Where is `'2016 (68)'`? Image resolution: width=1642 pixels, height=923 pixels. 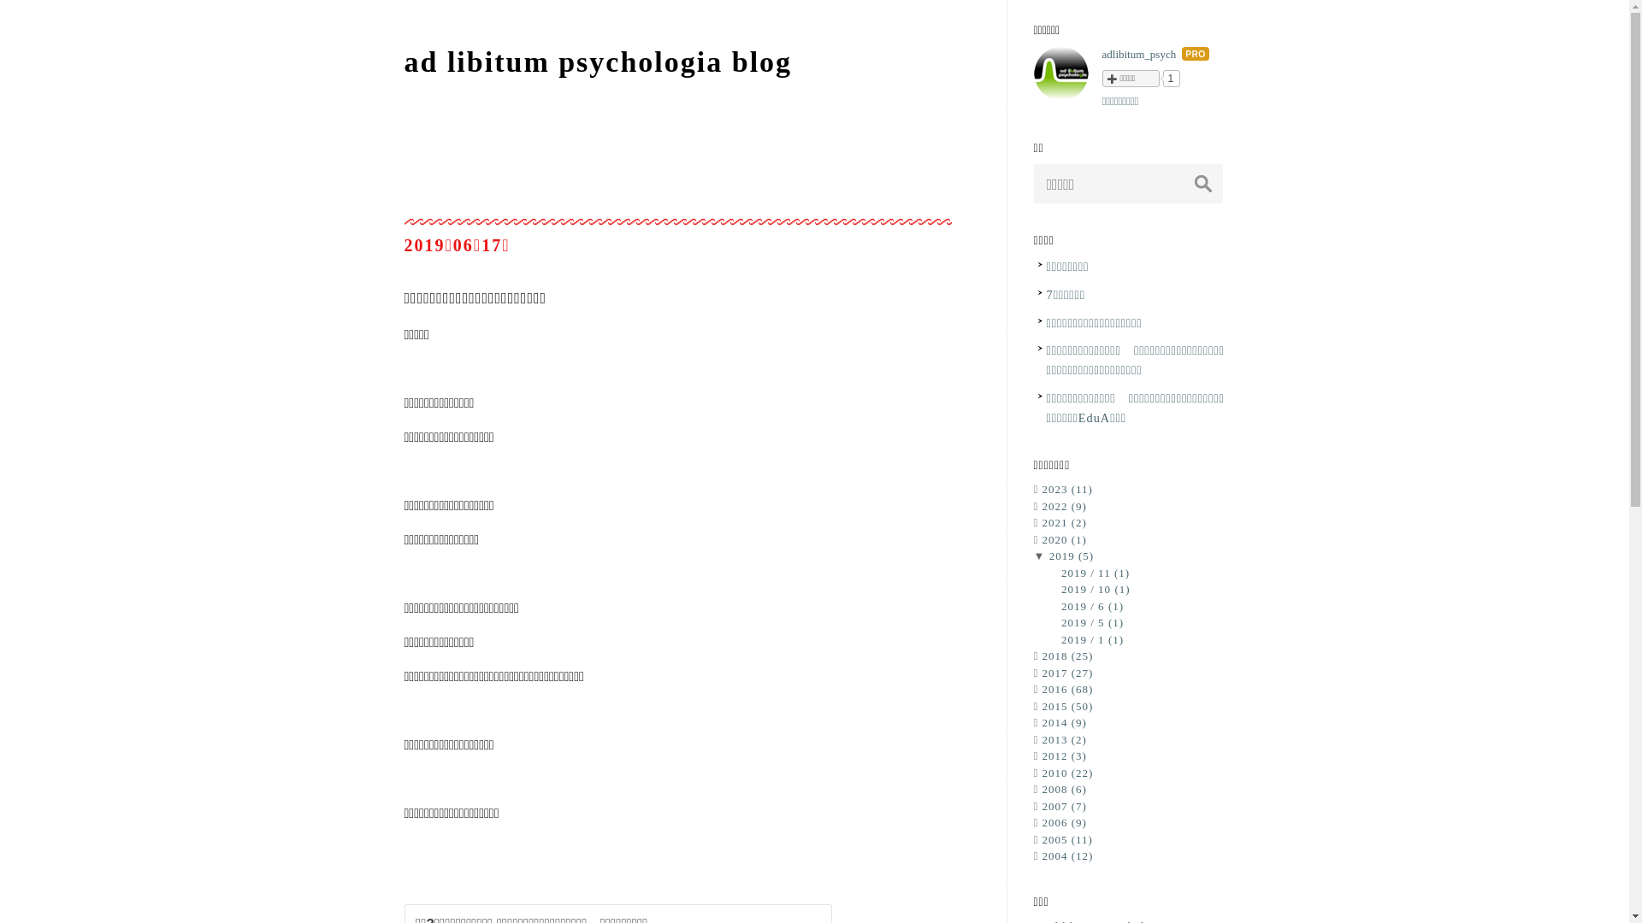
'2016 (68)' is located at coordinates (1066, 688).